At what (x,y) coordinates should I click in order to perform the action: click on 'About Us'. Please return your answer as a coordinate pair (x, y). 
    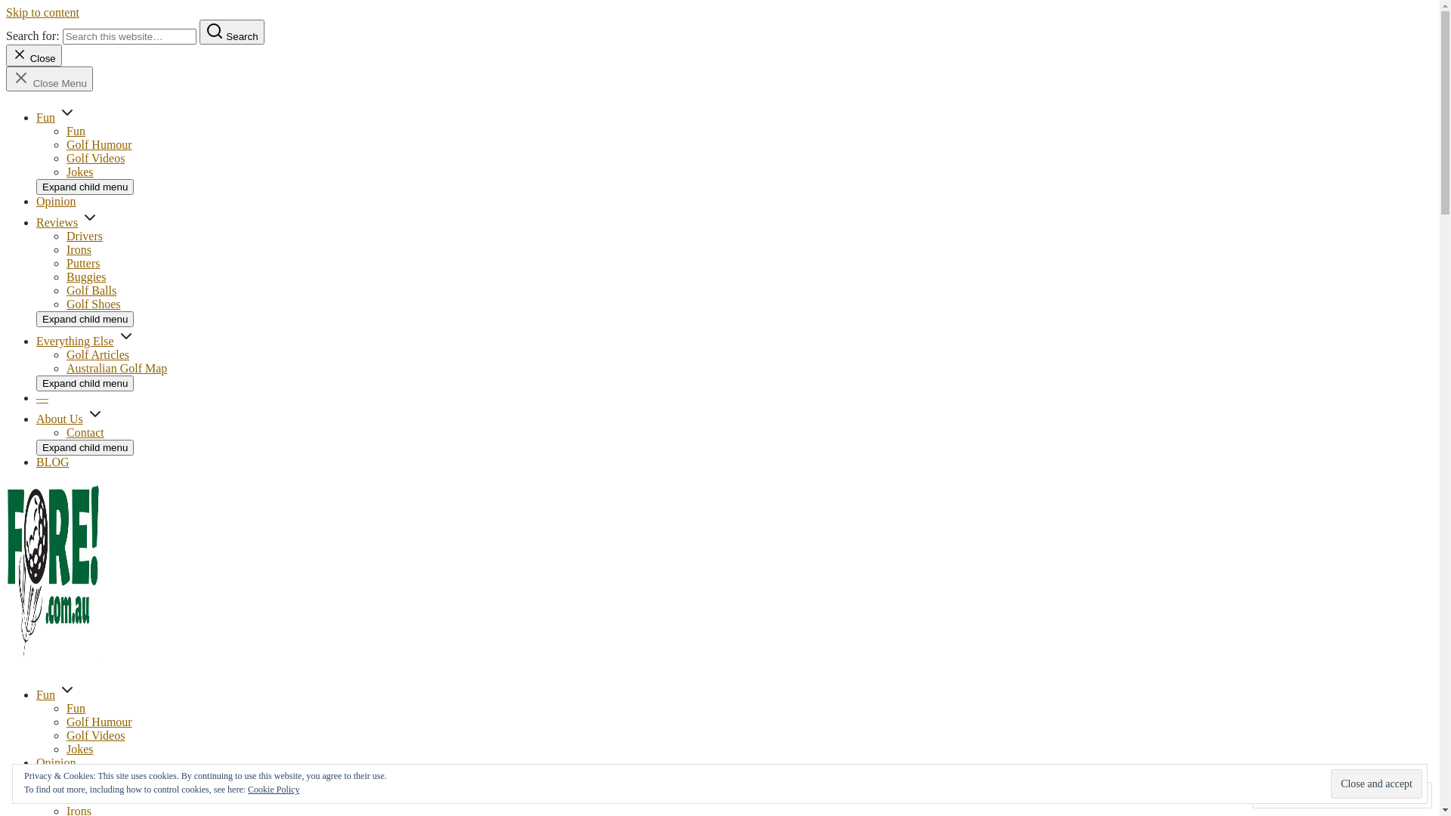
    Looking at the image, I should click on (36, 419).